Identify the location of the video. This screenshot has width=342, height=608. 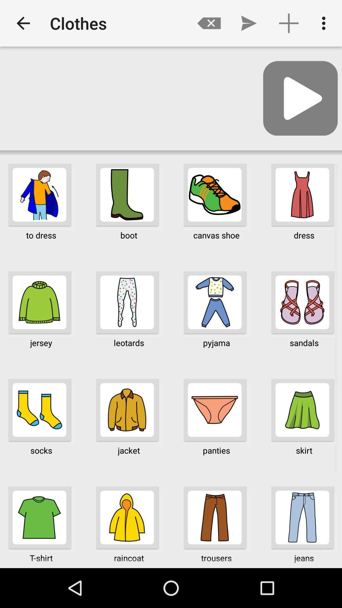
(300, 98).